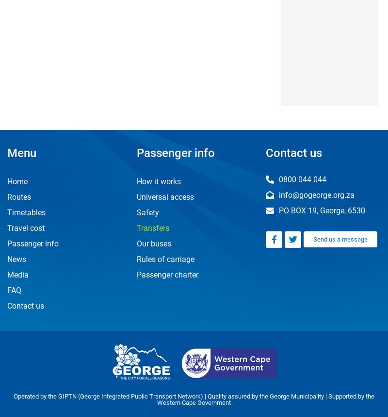 Image resolution: width=388 pixels, height=417 pixels. I want to click on 'News', so click(16, 259).